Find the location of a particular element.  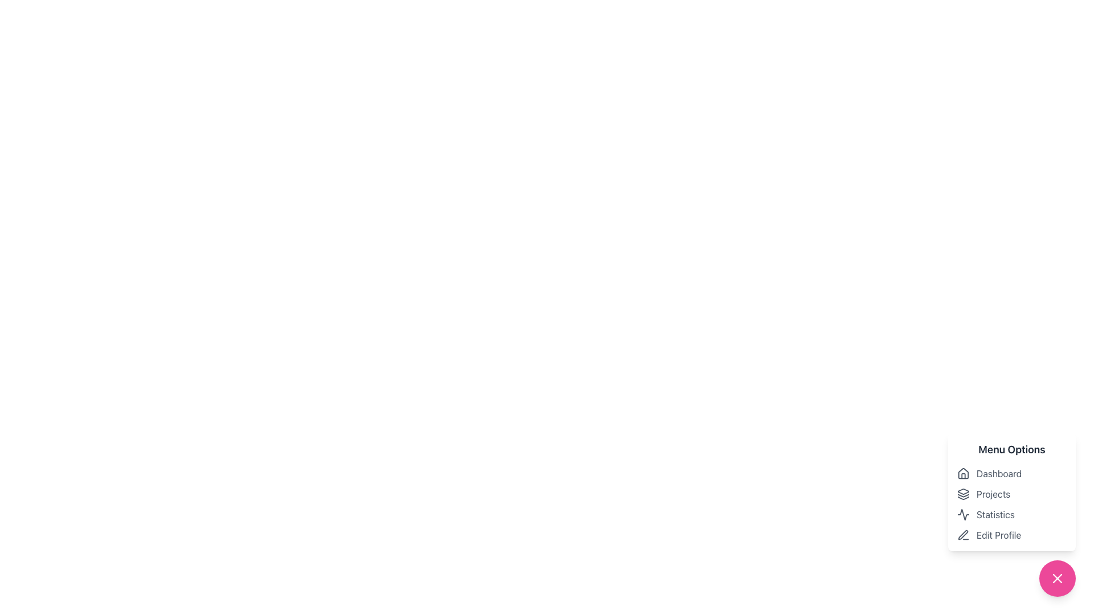

the graphical icon resembling layered shapes with a monochromatic gray outline, located to the left of the 'Projects' text in the vertical navigation menu is located at coordinates (962, 493).